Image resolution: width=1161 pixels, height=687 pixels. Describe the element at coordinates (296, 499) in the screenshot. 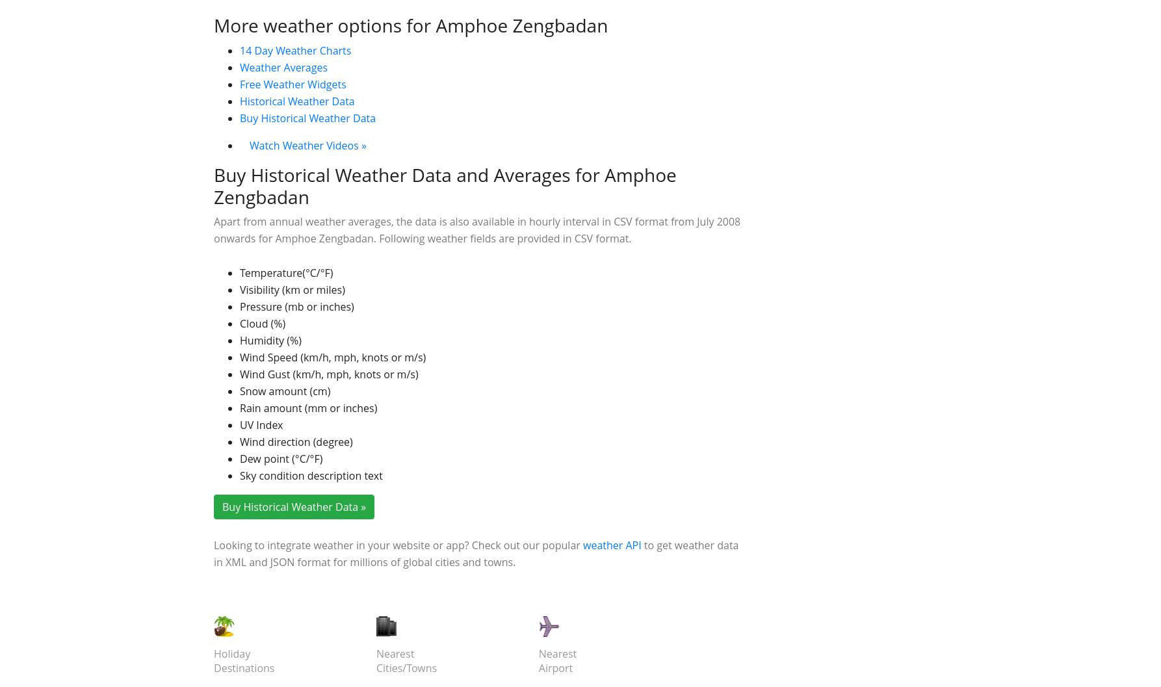

I see `'Pressure (mb or inches)'` at that location.